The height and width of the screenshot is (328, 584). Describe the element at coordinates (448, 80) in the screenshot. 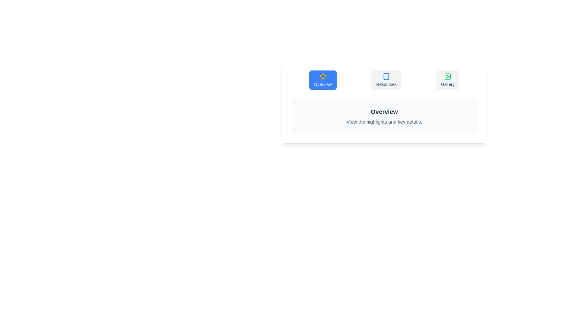

I see `the tab labeled Gallery to preview its hover effect` at that location.